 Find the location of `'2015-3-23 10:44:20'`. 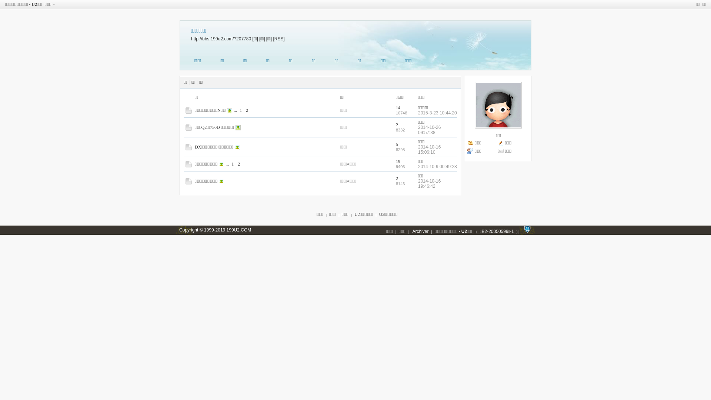

'2015-3-23 10:44:20' is located at coordinates (437, 113).